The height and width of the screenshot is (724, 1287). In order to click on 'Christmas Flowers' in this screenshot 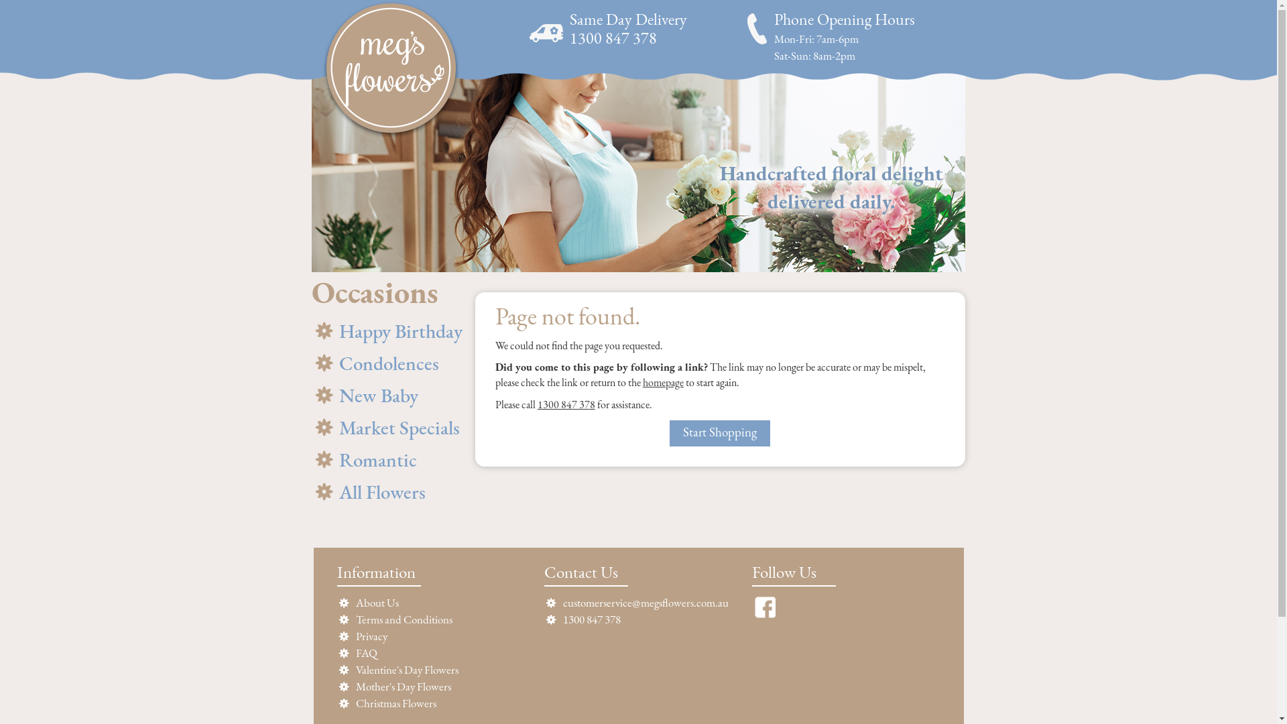, I will do `click(395, 703)`.